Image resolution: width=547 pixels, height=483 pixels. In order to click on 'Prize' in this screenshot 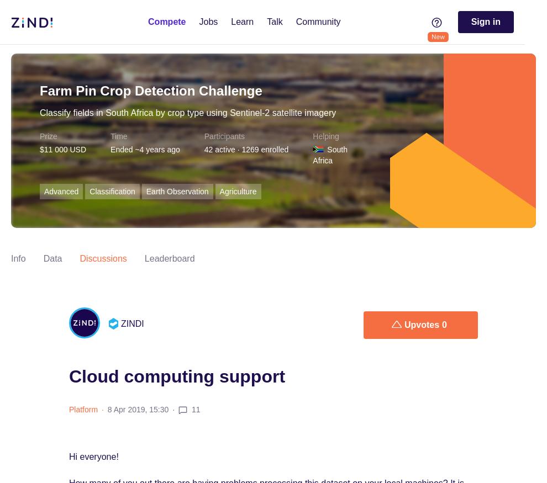, I will do `click(48, 136)`.